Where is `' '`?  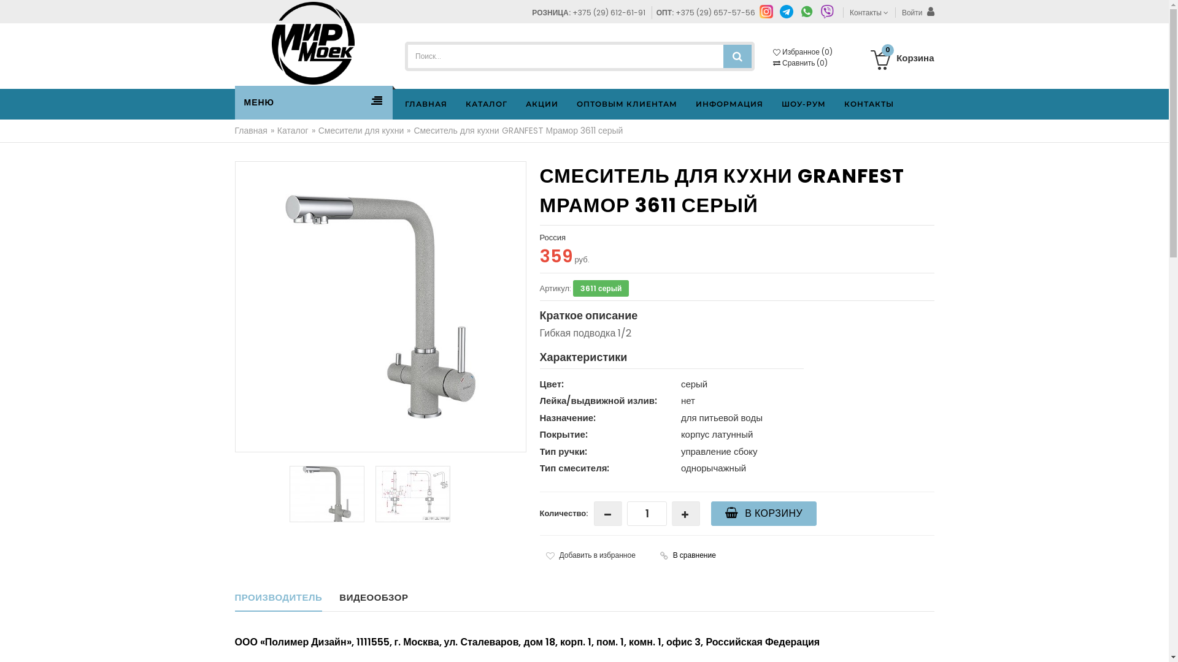
' ' is located at coordinates (685, 513).